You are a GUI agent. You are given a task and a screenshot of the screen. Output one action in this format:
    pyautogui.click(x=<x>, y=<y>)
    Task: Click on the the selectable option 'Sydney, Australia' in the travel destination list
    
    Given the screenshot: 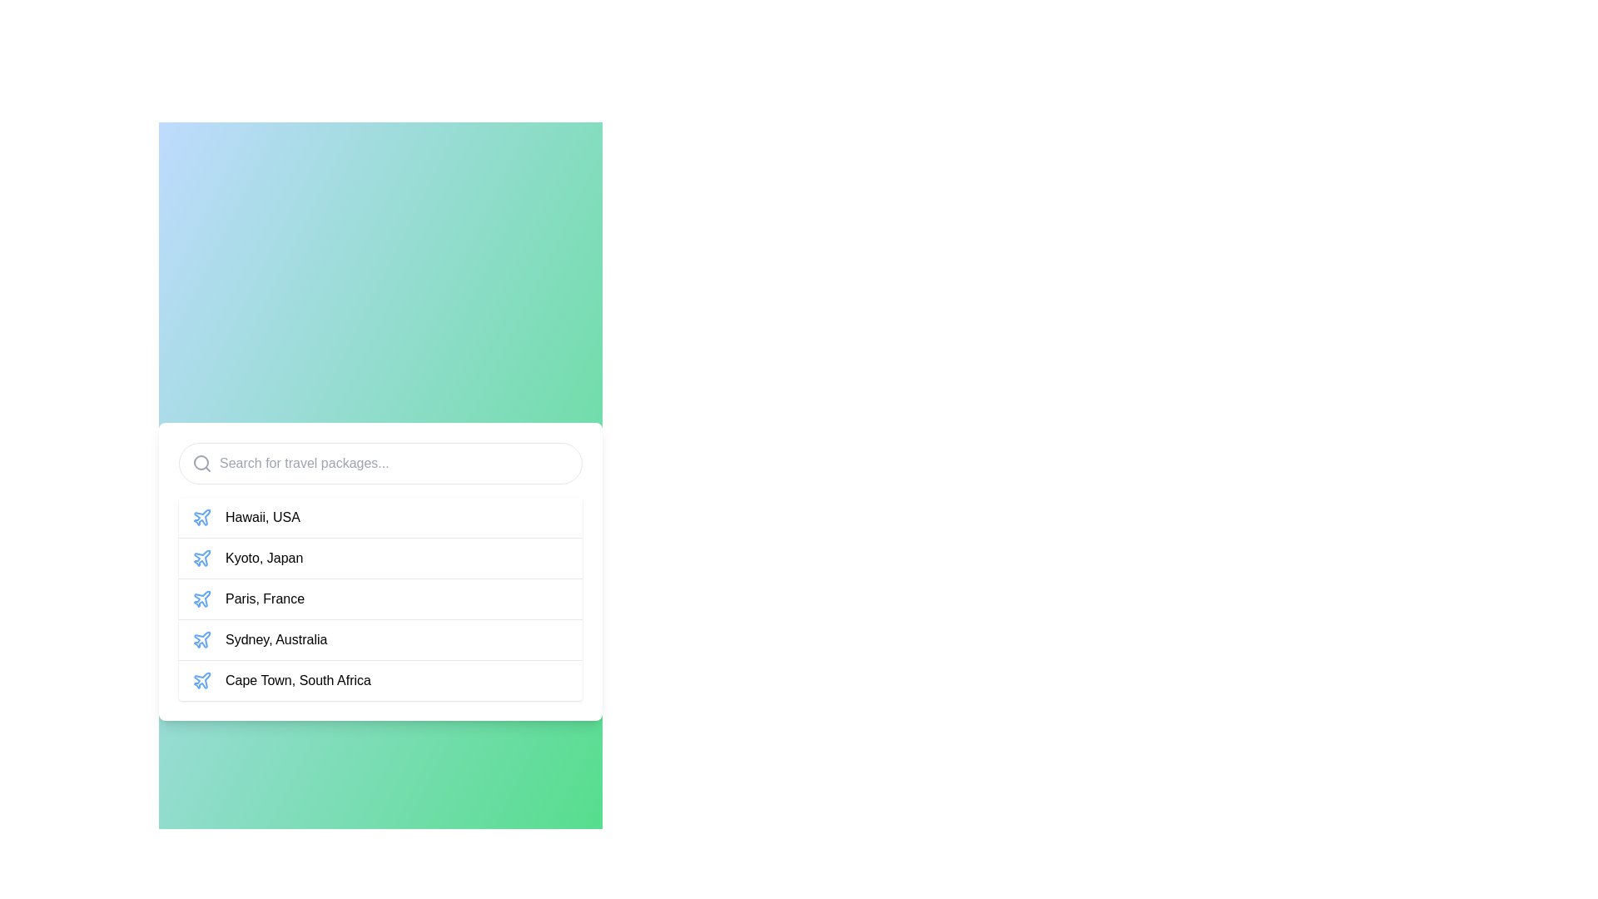 What is the action you would take?
    pyautogui.click(x=380, y=638)
    